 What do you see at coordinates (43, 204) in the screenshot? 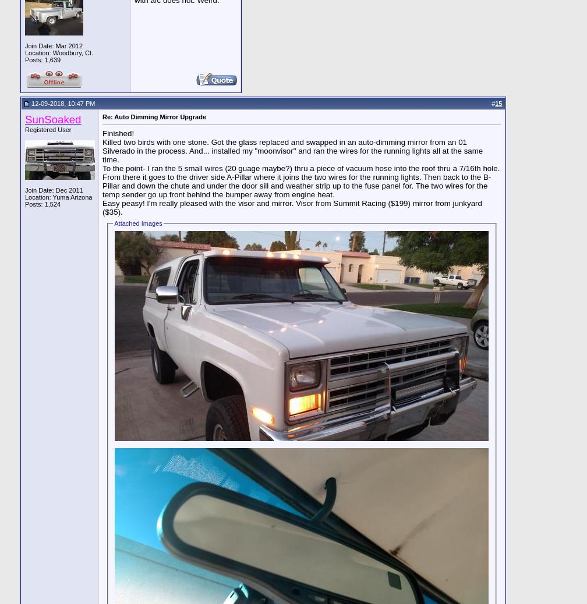
I see `'Posts: 1,524'` at bounding box center [43, 204].